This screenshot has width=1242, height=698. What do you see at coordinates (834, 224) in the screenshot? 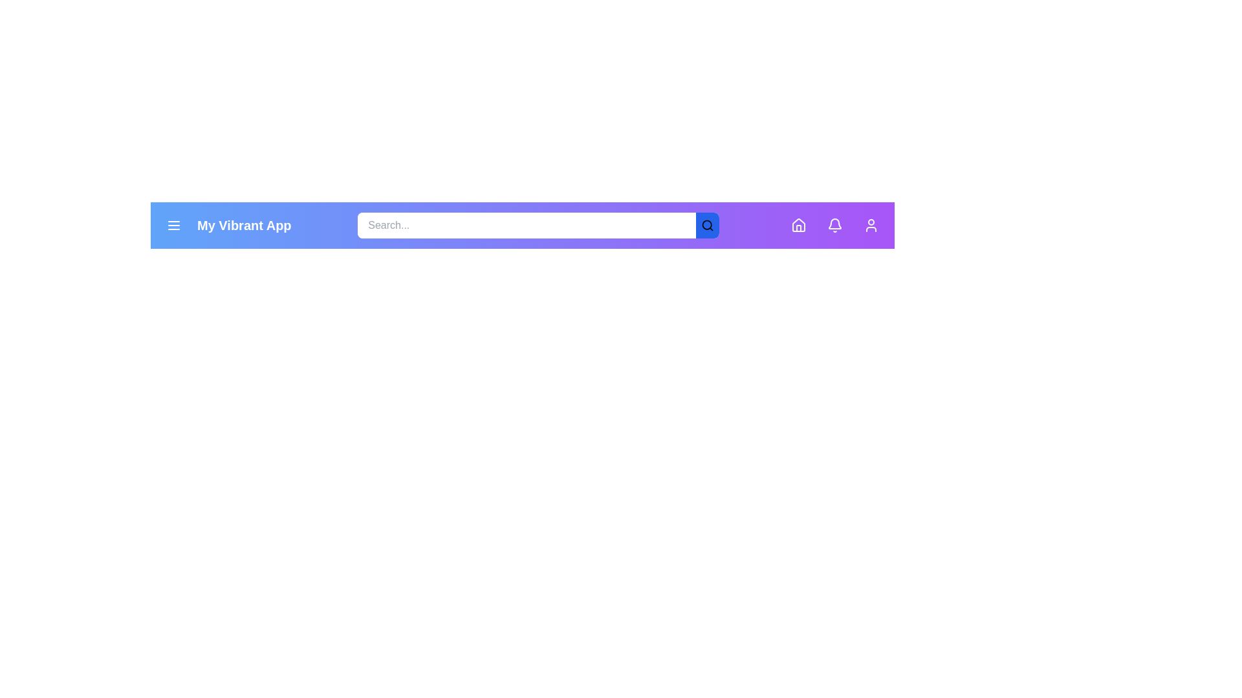
I see `the notifications button to view alerts` at bounding box center [834, 224].